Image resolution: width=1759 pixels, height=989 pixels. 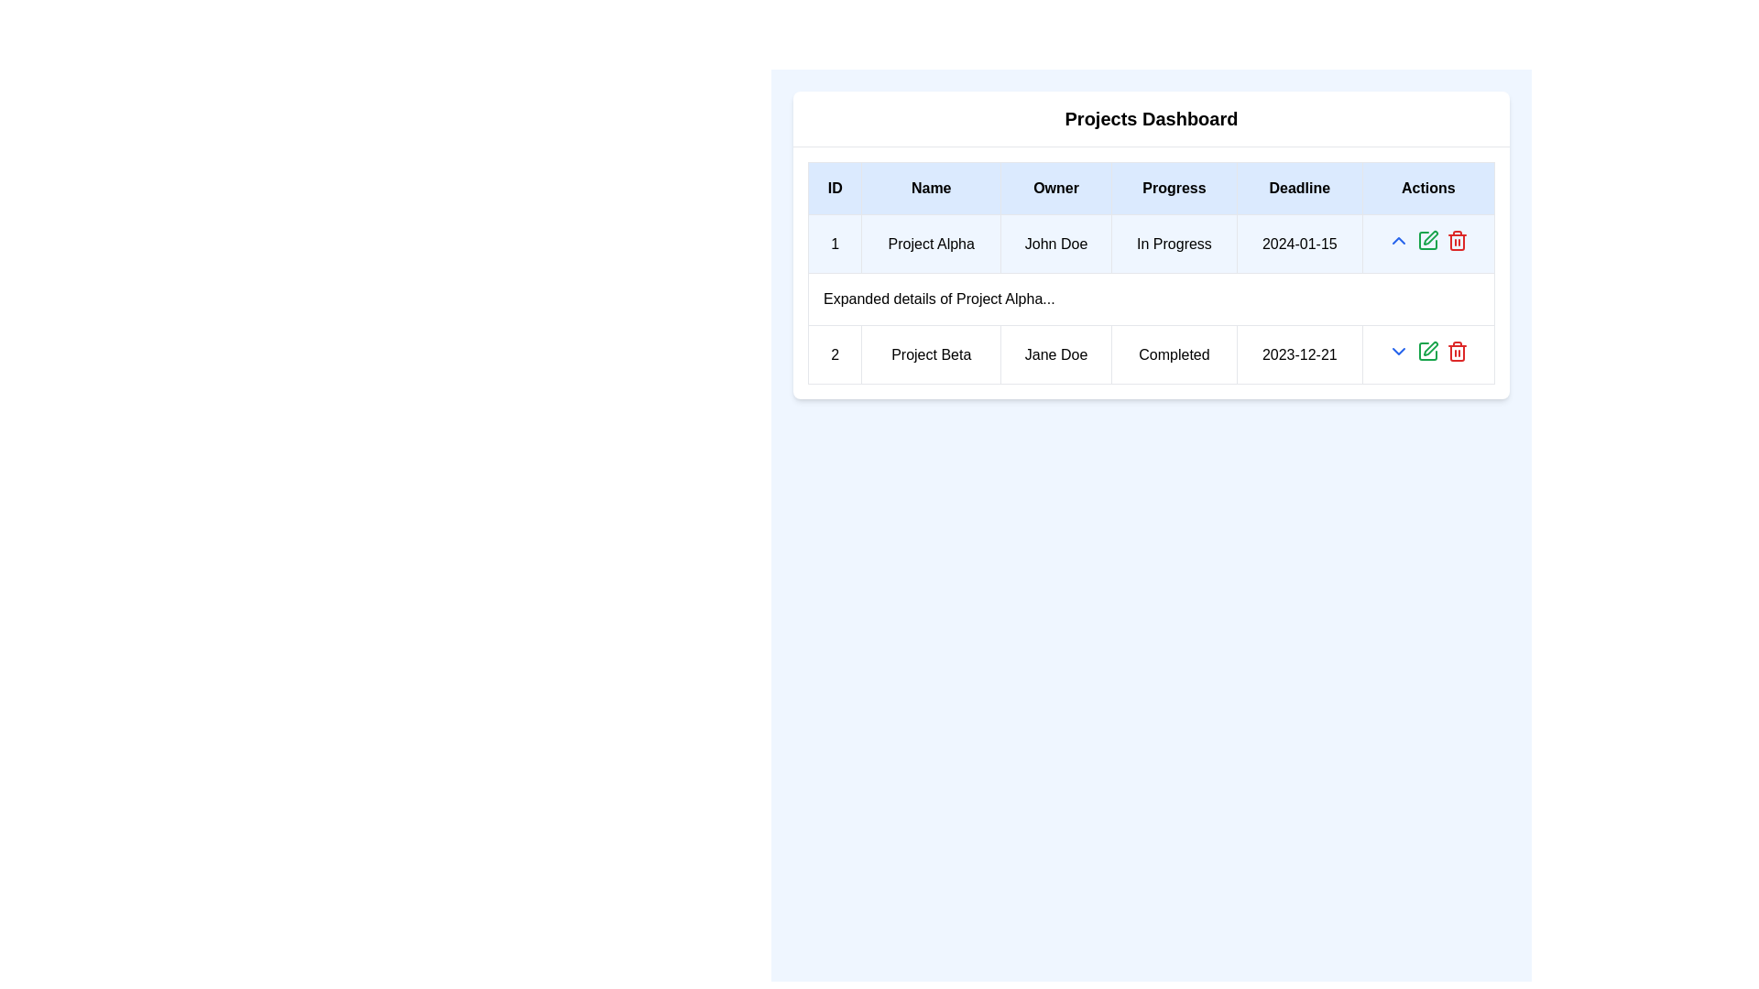 What do you see at coordinates (1151, 272) in the screenshot?
I see `the interactive cells of the project information table located centrally below the 'Projects Dashboard' title` at bounding box center [1151, 272].